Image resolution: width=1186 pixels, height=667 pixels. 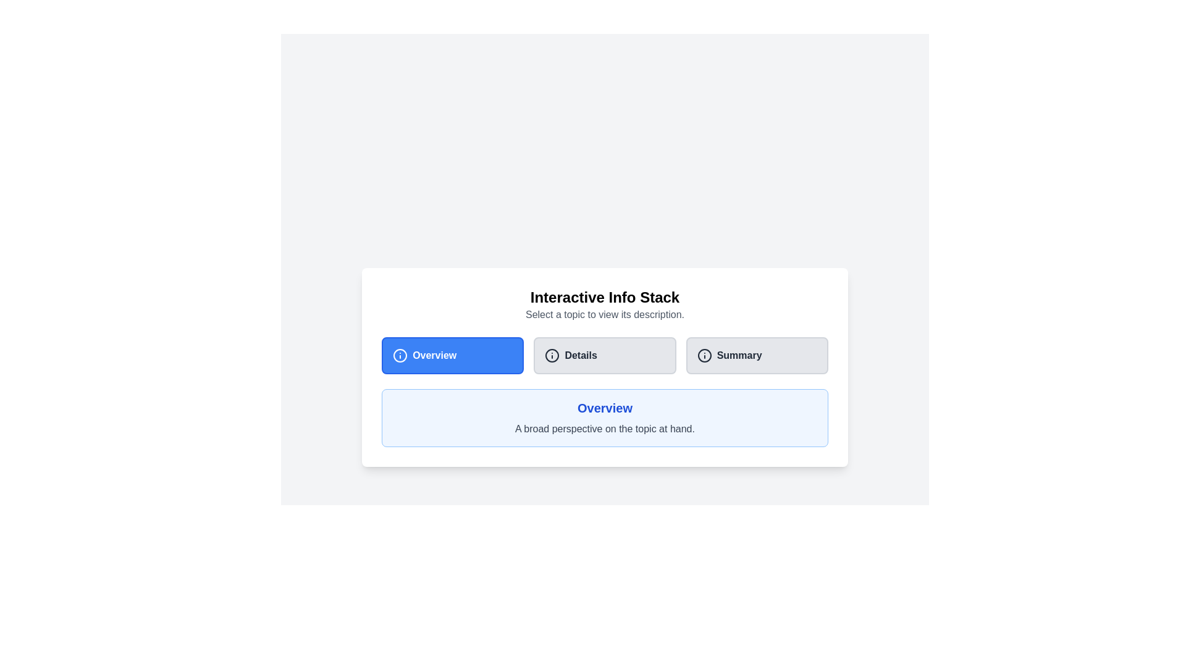 What do you see at coordinates (452, 355) in the screenshot?
I see `the first button in a row of three buttons, which functions as an option selector for displaying content related to 'Overview'` at bounding box center [452, 355].